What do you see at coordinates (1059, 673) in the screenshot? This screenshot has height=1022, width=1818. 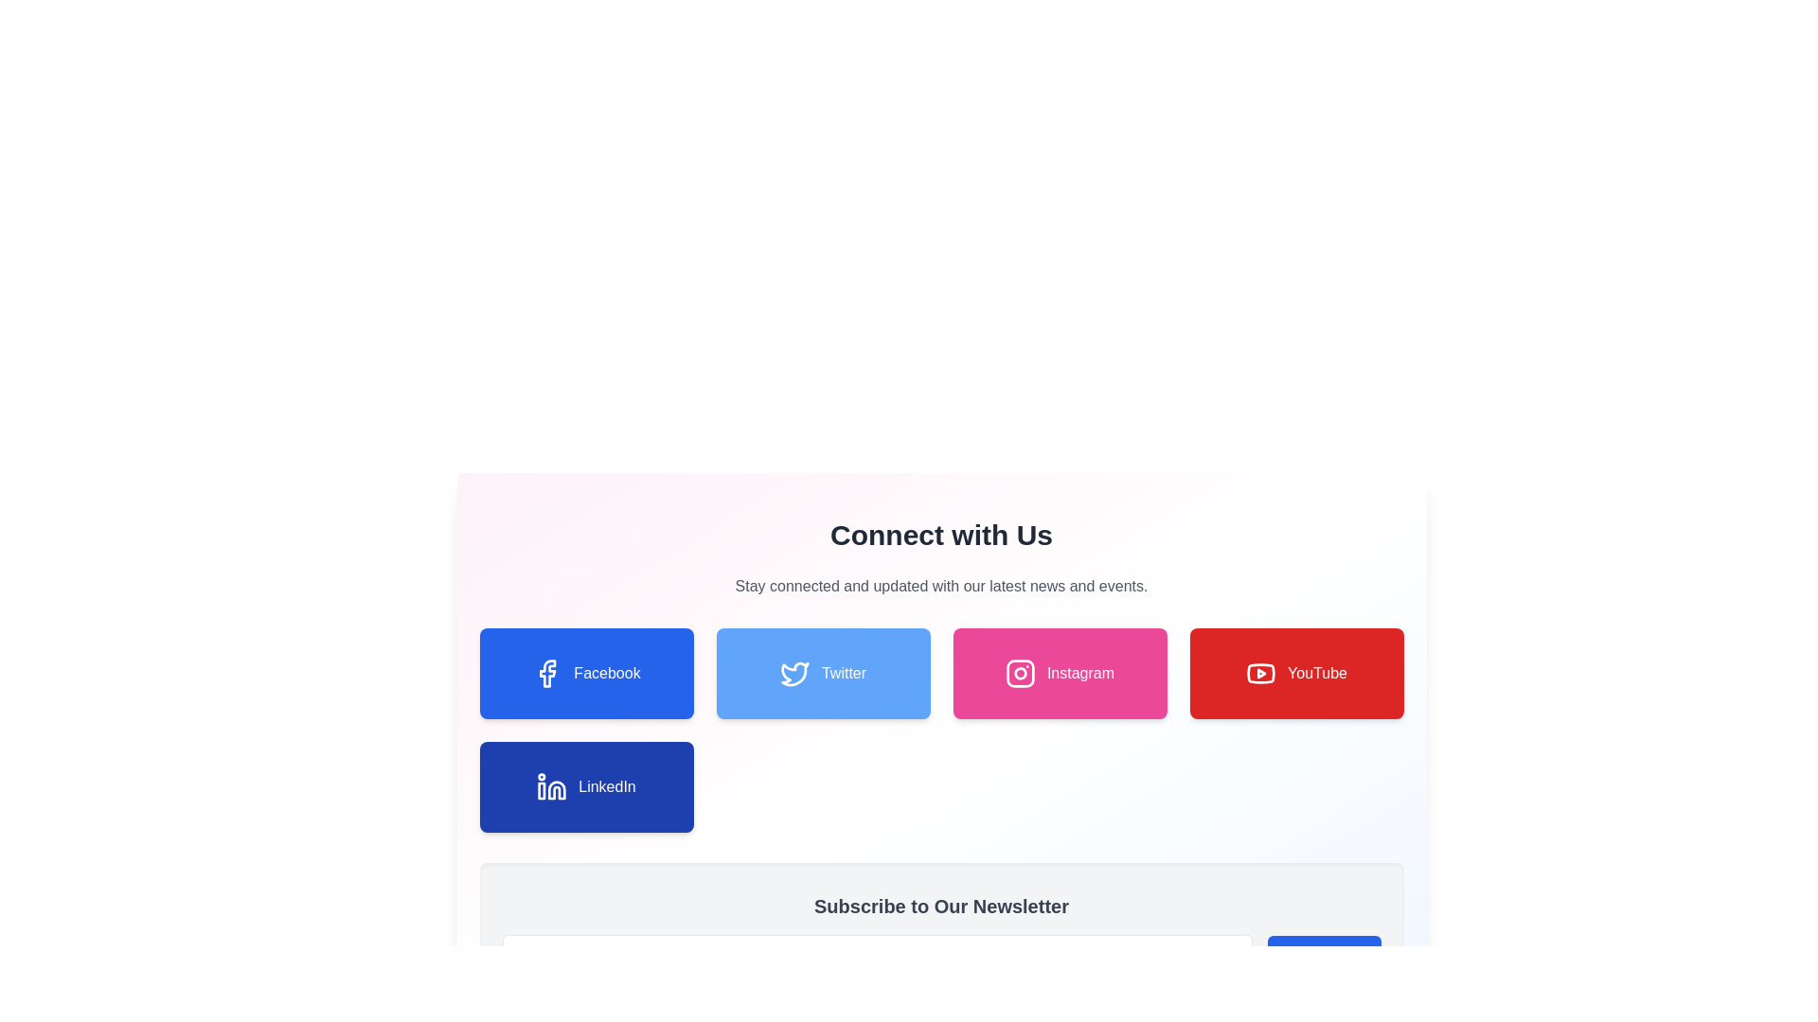 I see `the Instagram button, which is the third button in a row of four under the 'Connect with Us' header` at bounding box center [1059, 673].